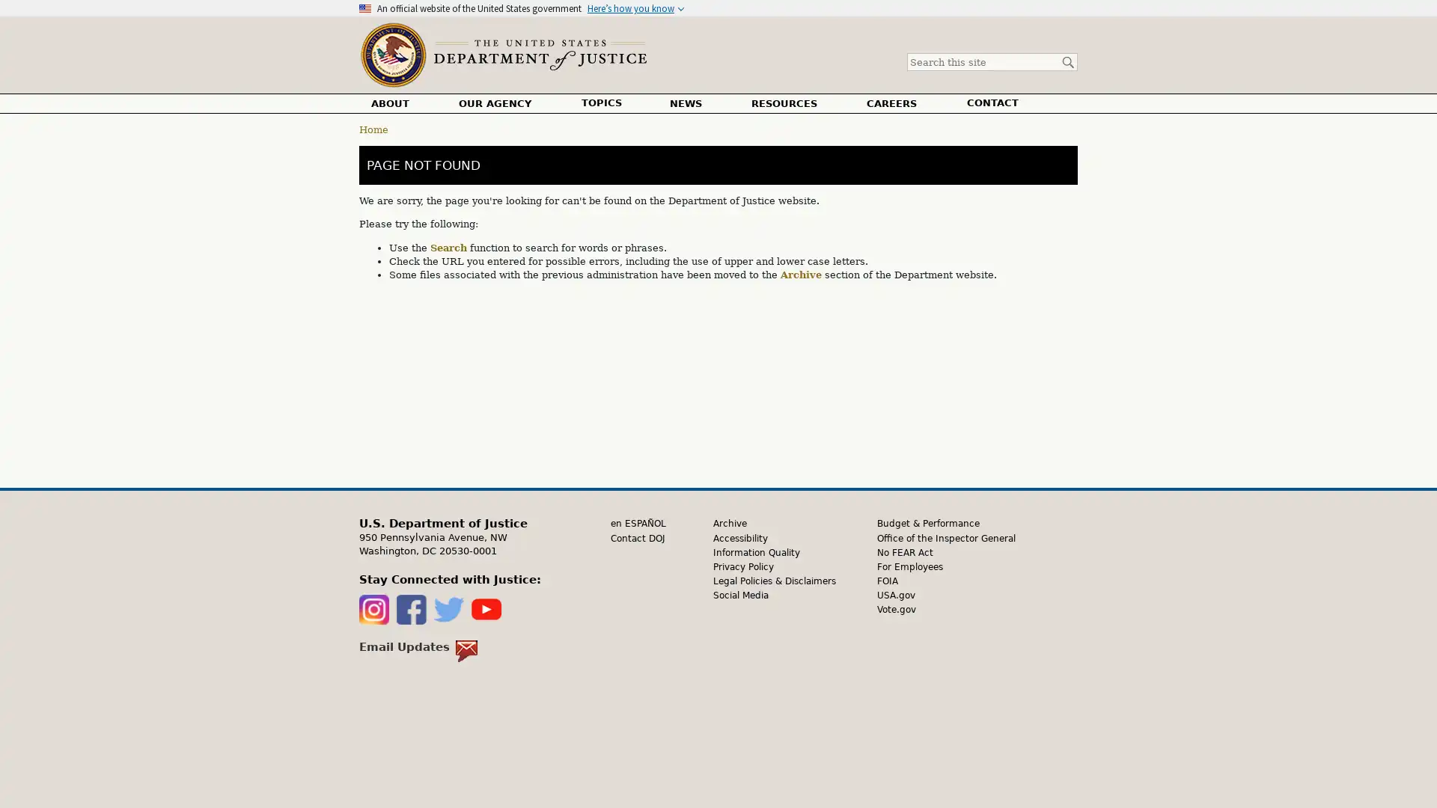  What do you see at coordinates (1067, 62) in the screenshot?
I see `Search` at bounding box center [1067, 62].